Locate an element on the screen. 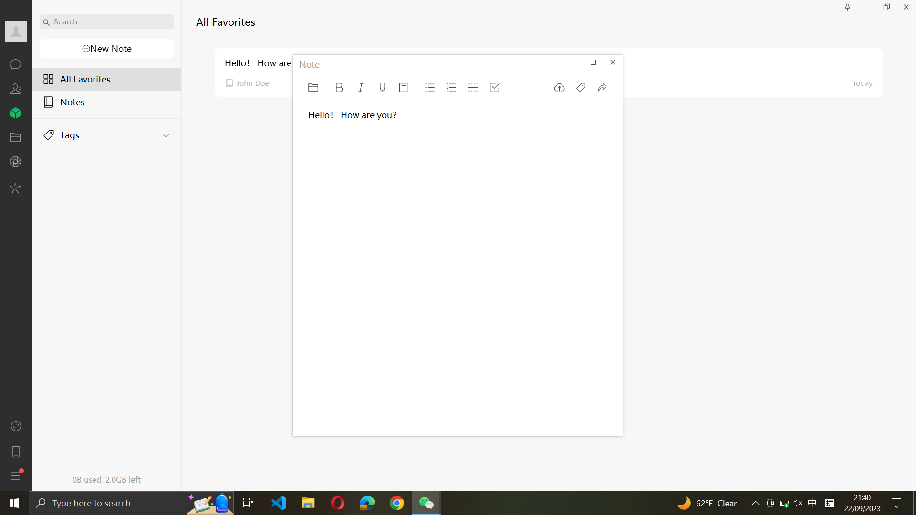 This screenshot has width=916, height=515. Input the phrase - "Schedule a doctor"s appointment on Friday" in the active note and convert it into a checklist entry is located at coordinates (347, 279).